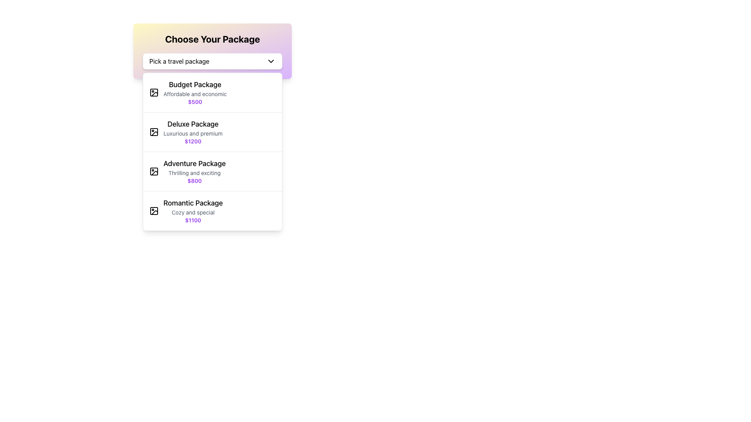 The width and height of the screenshot is (751, 422). I want to click on the price text label of the 'Deluxe Package', which is located at the bottom of the package listing and indicates its cost to the user, so click(193, 141).